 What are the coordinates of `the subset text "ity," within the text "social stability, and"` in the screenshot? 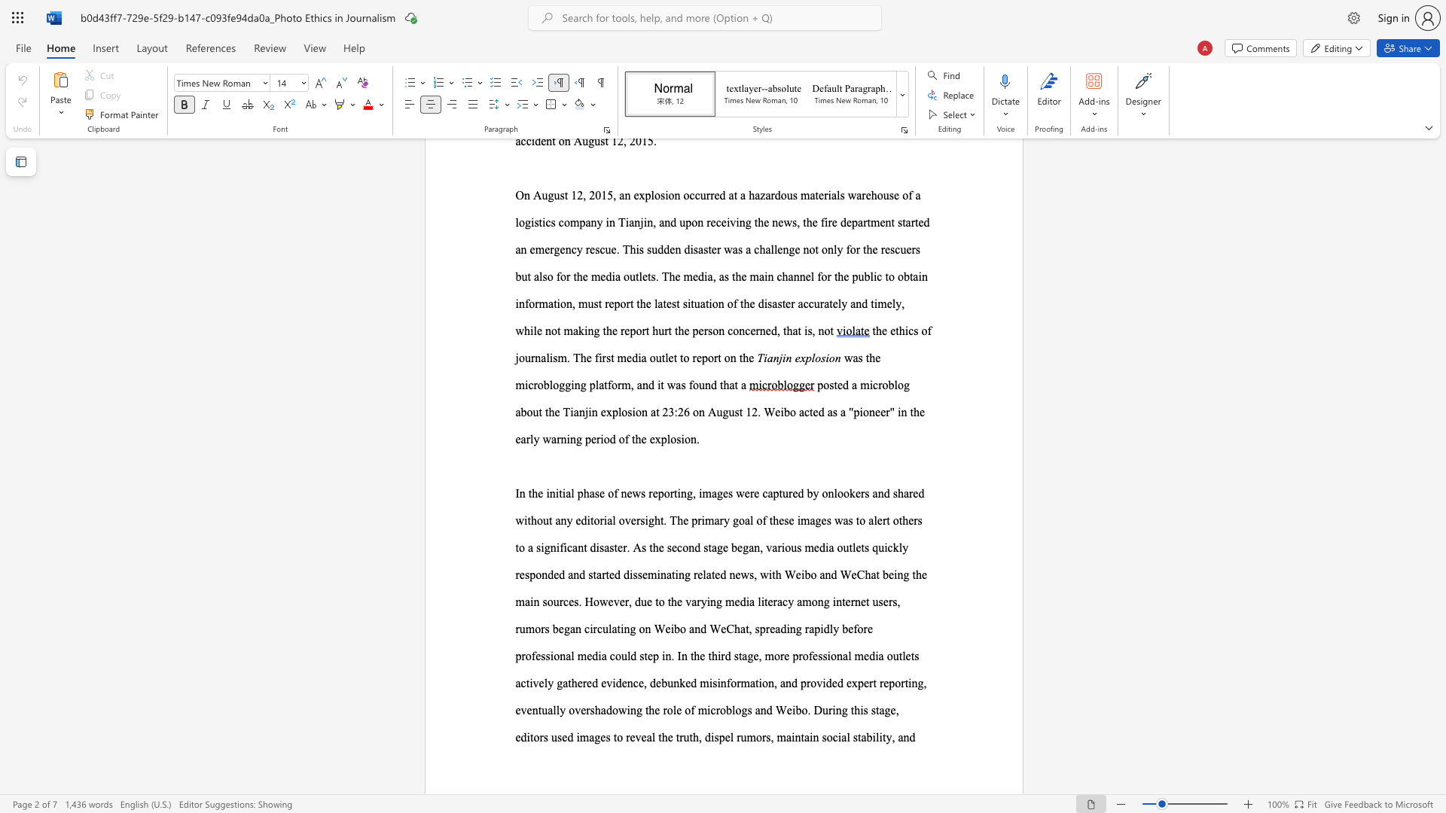 It's located at (879, 736).